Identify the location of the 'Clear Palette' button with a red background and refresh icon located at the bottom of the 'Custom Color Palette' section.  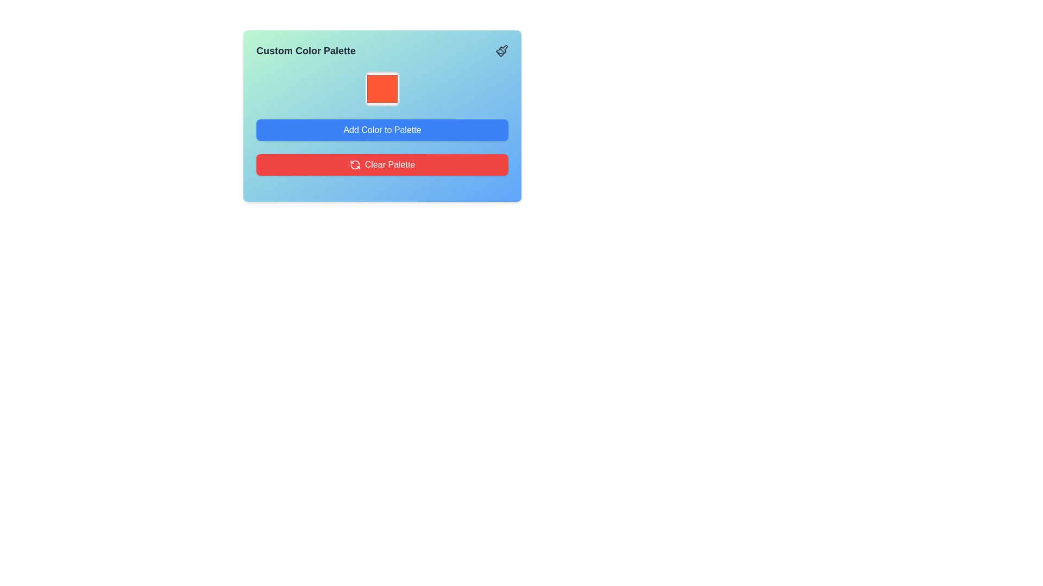
(382, 165).